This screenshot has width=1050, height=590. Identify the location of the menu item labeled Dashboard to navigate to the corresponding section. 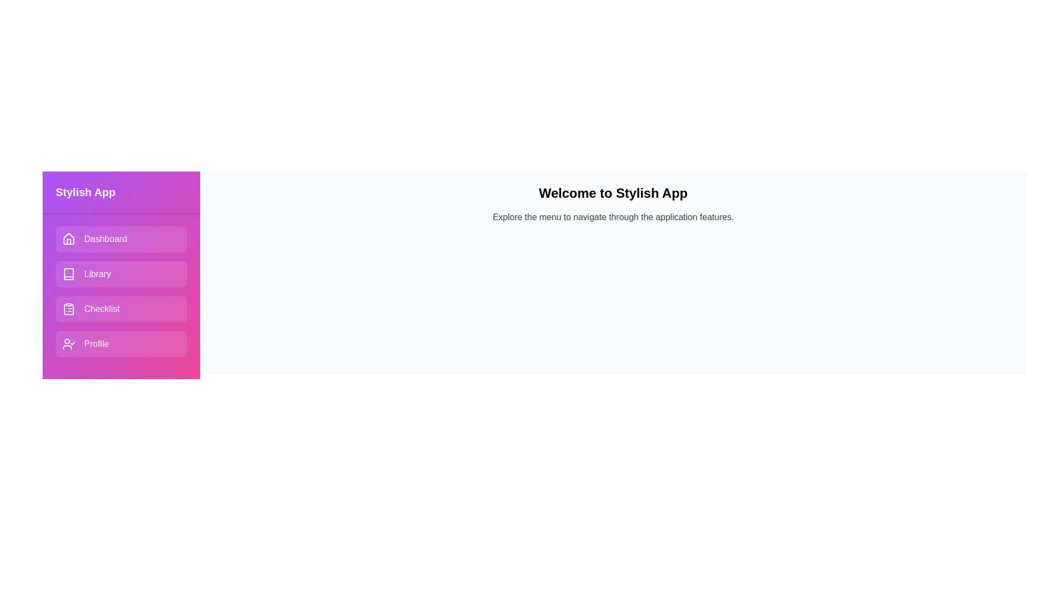
(121, 239).